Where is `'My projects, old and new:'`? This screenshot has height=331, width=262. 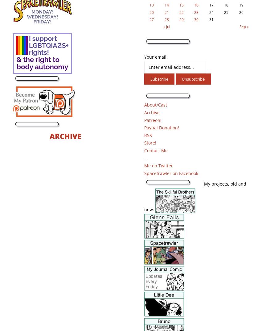
'My projects, old and new:' is located at coordinates (194, 196).